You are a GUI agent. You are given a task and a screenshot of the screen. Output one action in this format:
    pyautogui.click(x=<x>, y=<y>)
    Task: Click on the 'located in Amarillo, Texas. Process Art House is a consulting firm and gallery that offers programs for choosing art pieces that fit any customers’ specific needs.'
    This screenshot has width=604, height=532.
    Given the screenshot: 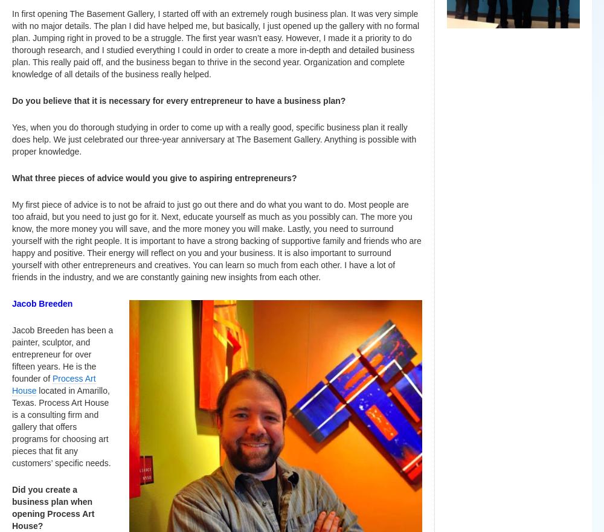 What is the action you would take?
    pyautogui.click(x=60, y=426)
    